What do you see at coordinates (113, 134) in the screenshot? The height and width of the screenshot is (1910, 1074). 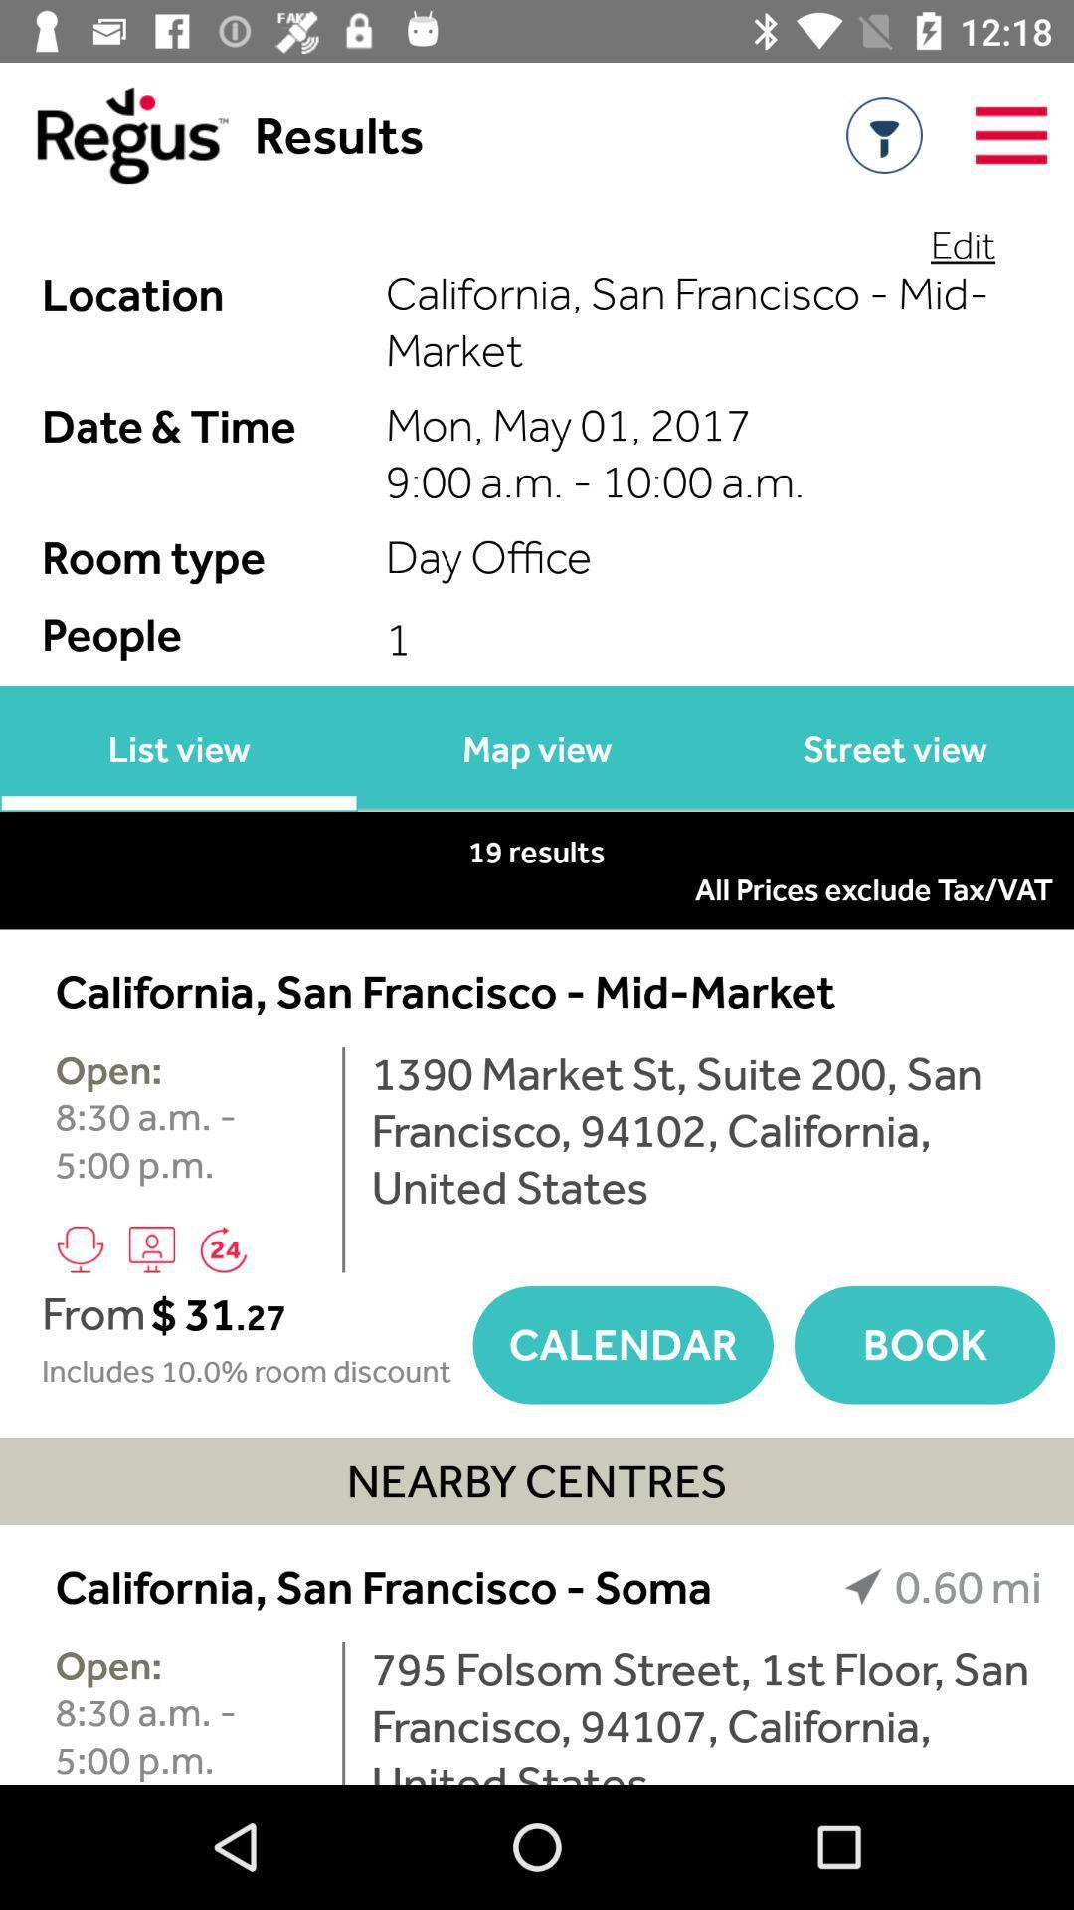 I see `the icon to the left of results` at bounding box center [113, 134].